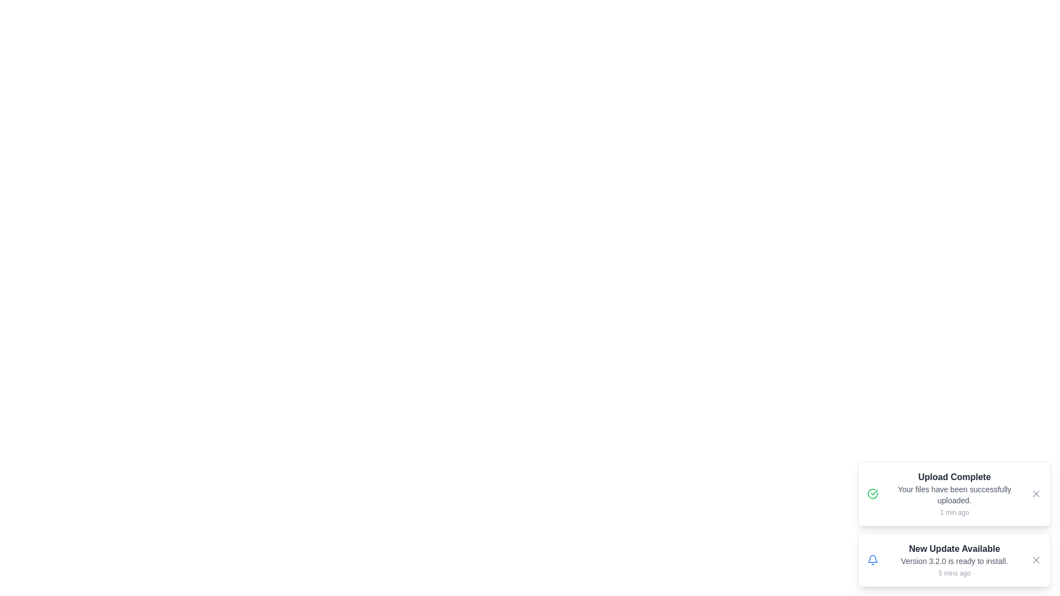 The width and height of the screenshot is (1060, 596). I want to click on the Notification list element, which is located near the bottom-right corner of the viewport and contains recent notifications about actions and updates, so click(953, 523).